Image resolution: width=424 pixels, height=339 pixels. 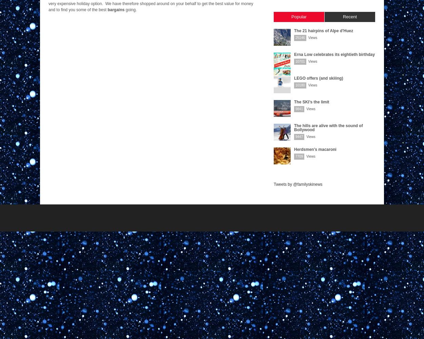 I want to click on '9447', so click(x=299, y=137).